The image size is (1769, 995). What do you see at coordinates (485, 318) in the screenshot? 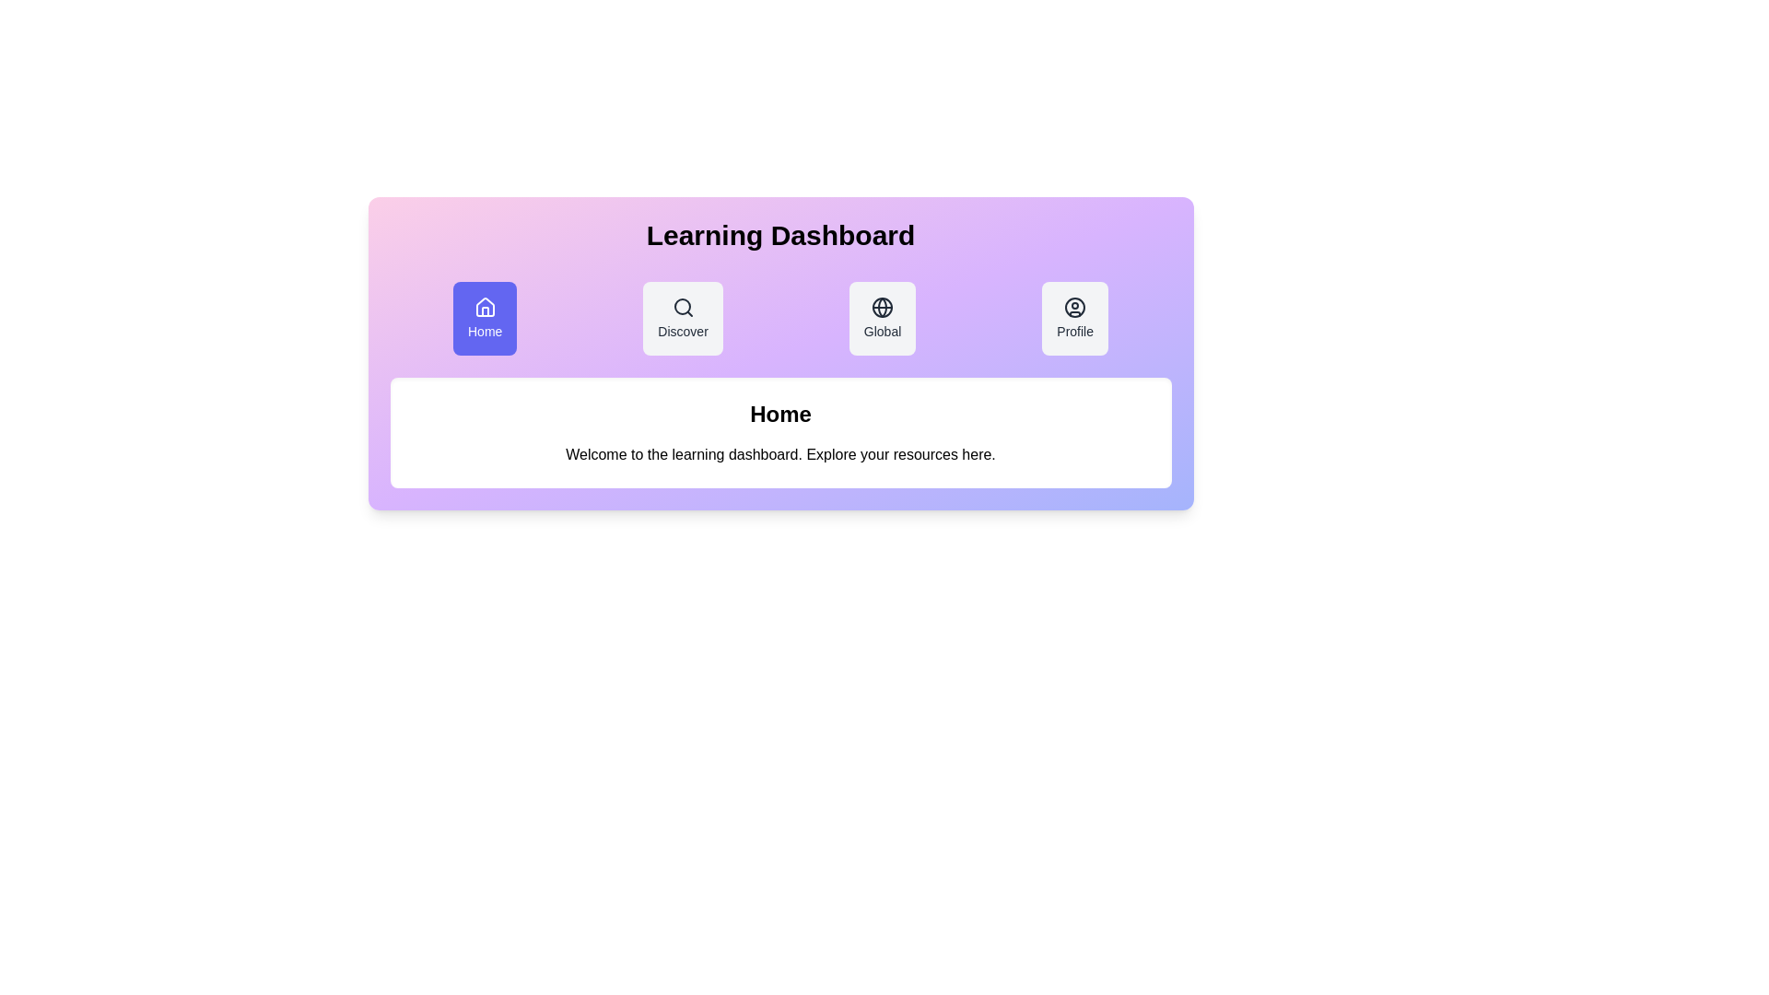
I see `the Home tab by clicking on it` at bounding box center [485, 318].